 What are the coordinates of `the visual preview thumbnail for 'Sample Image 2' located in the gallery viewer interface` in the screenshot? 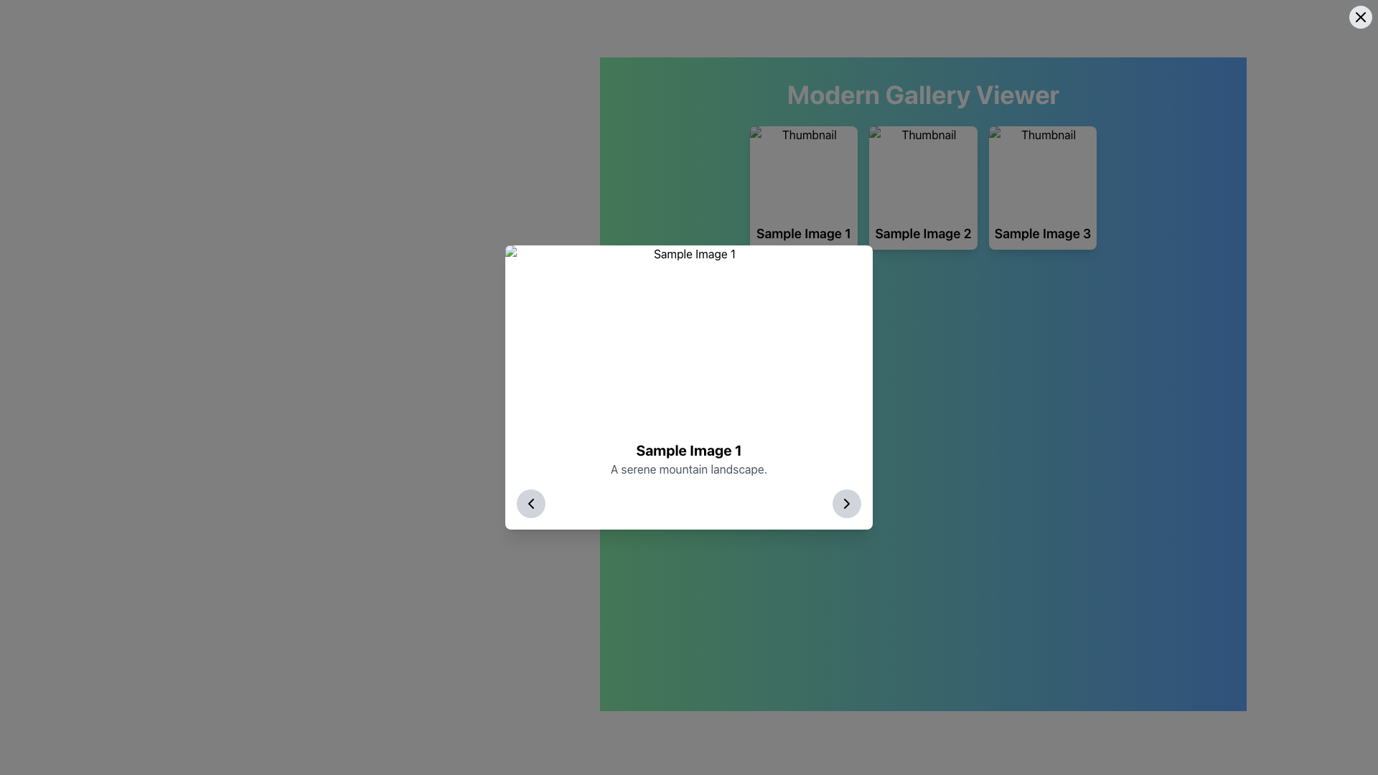 It's located at (923, 171).